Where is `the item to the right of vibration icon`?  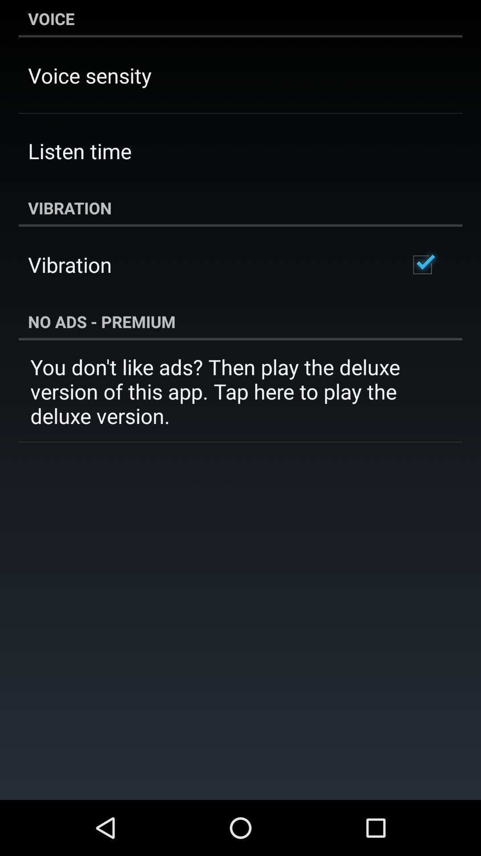
the item to the right of vibration icon is located at coordinates (422, 264).